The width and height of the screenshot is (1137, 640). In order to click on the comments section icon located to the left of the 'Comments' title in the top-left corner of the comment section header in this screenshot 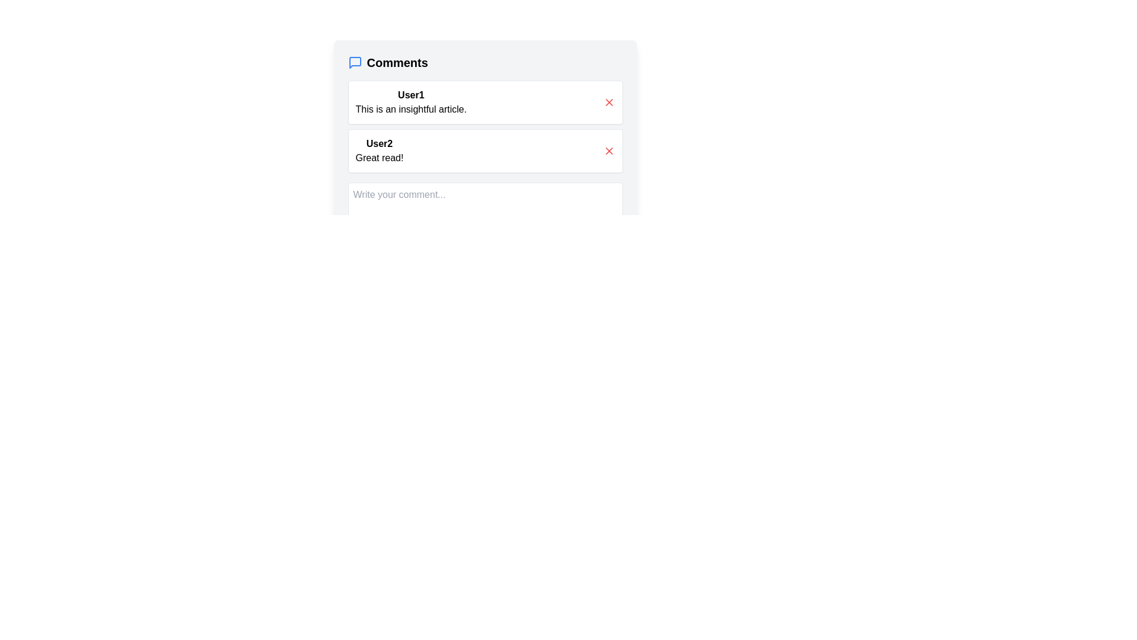, I will do `click(354, 62)`.